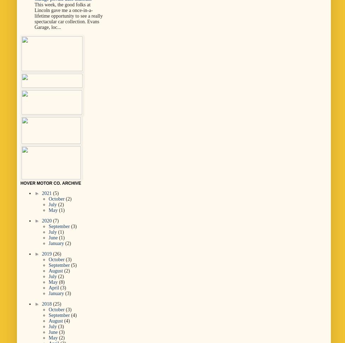 The height and width of the screenshot is (343, 345). What do you see at coordinates (47, 253) in the screenshot?
I see `'2019'` at bounding box center [47, 253].